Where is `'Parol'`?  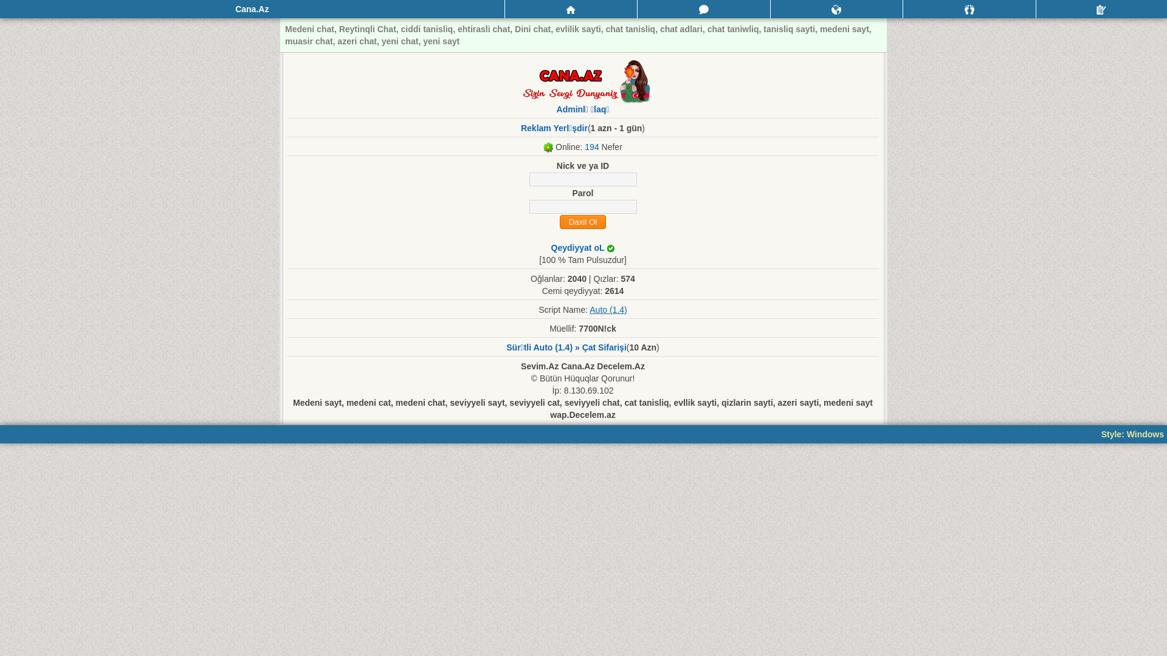
'Parol' is located at coordinates (582, 206).